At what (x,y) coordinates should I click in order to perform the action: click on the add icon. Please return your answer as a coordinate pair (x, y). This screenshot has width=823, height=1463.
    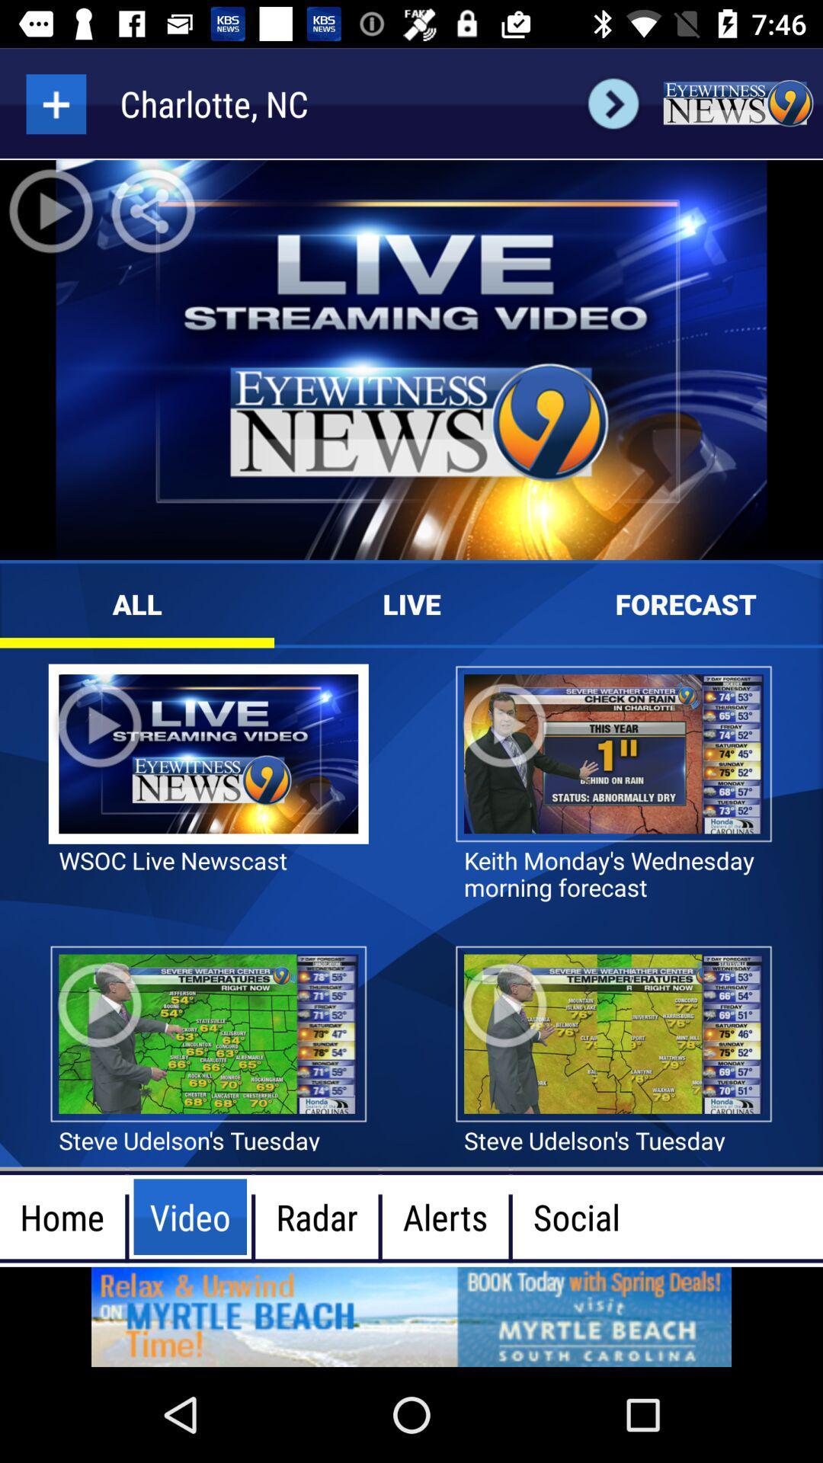
    Looking at the image, I should click on (55, 103).